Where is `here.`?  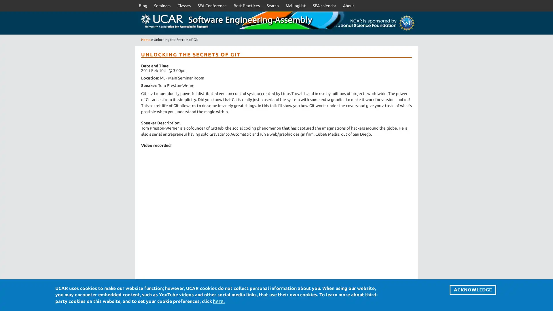
here. is located at coordinates (218, 301).